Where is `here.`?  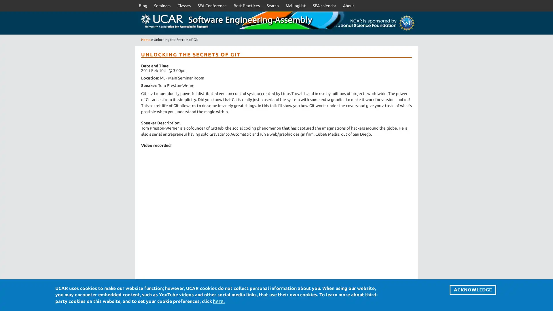
here. is located at coordinates (218, 301).